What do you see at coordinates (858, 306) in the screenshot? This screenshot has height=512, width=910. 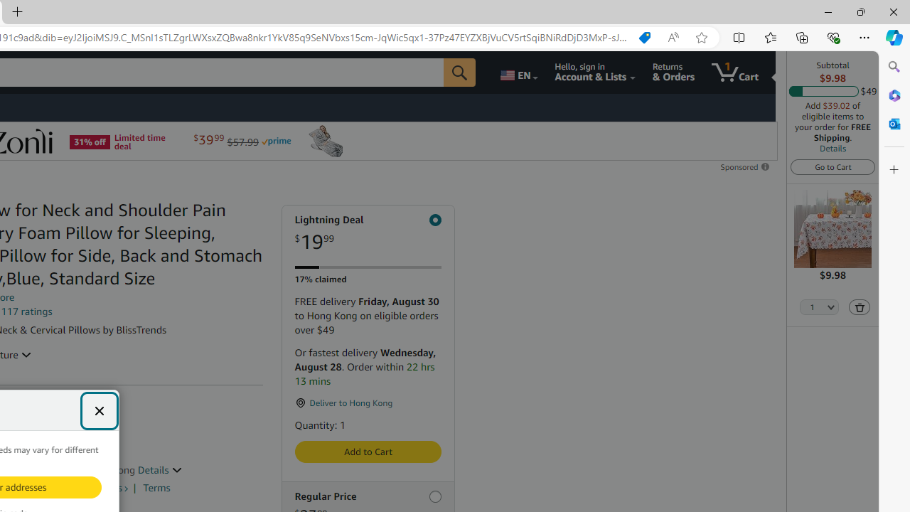 I see `'Delete'` at bounding box center [858, 306].